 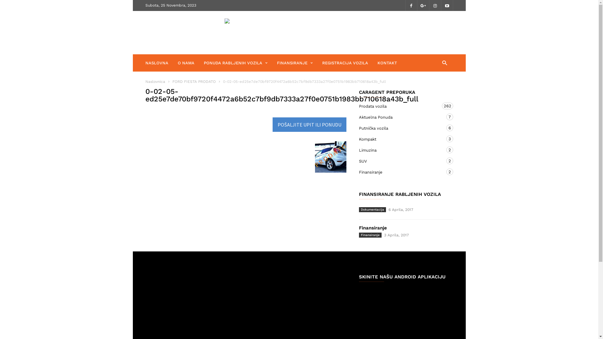 What do you see at coordinates (423, 5) in the screenshot?
I see `'Google+'` at bounding box center [423, 5].